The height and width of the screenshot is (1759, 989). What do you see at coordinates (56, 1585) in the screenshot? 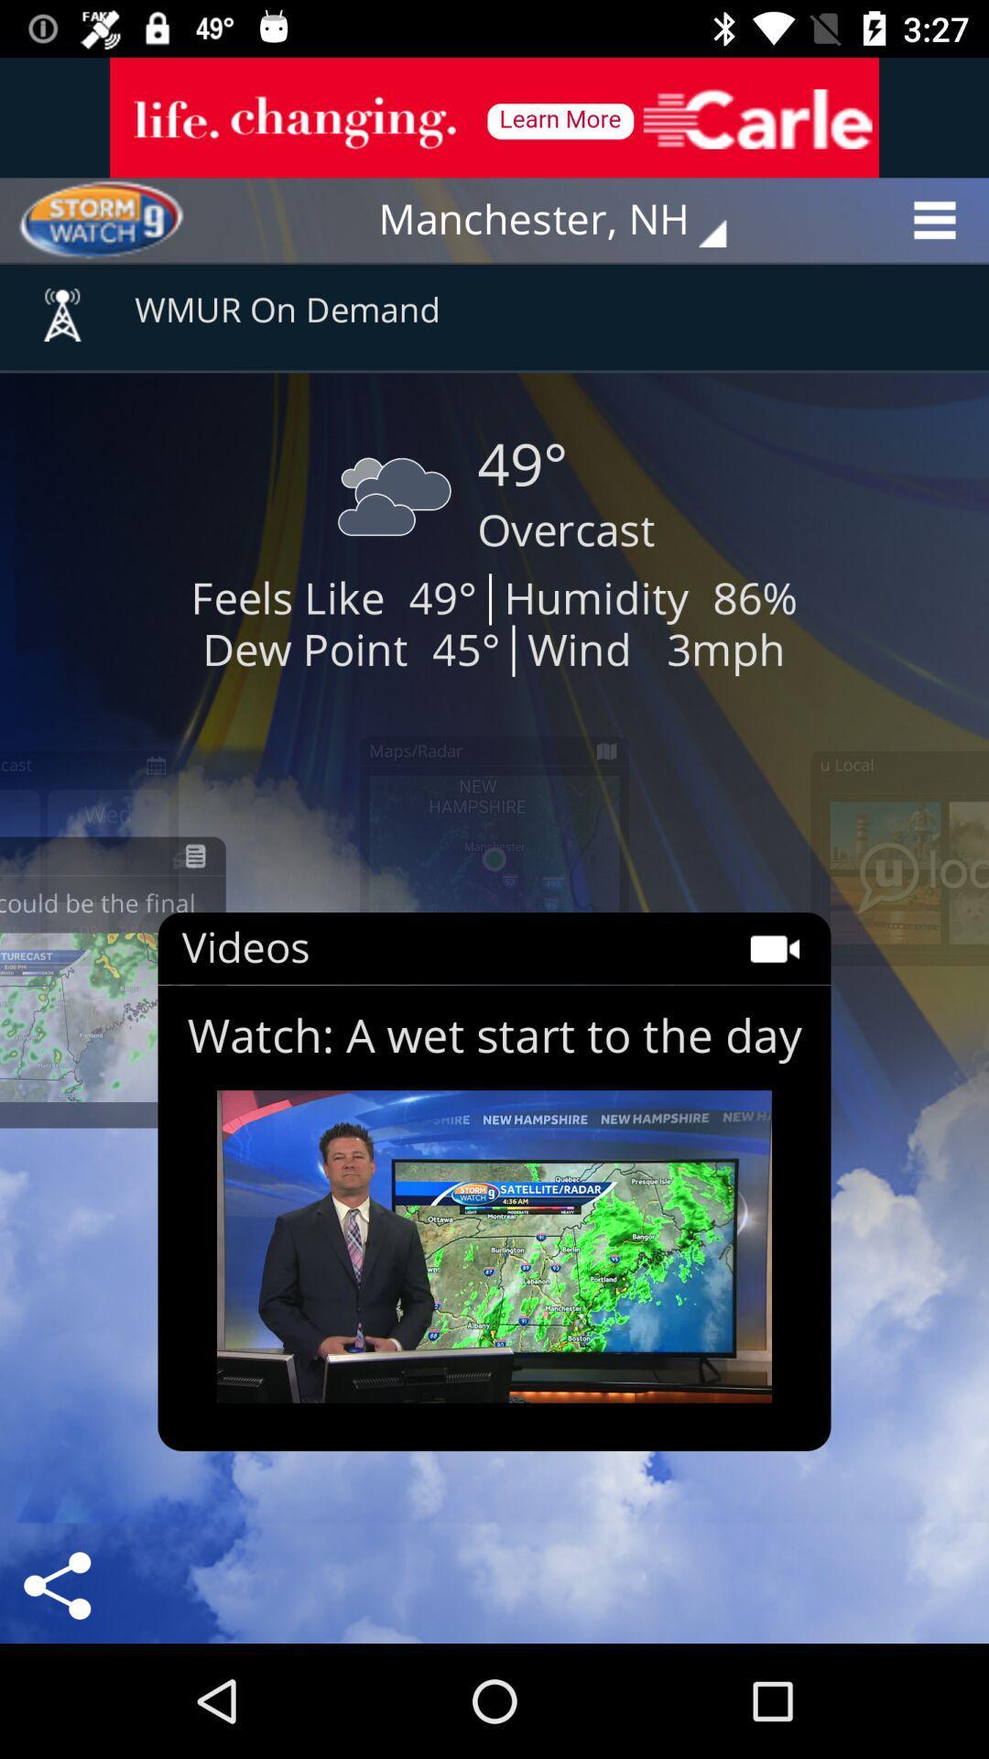
I see `the share icon` at bounding box center [56, 1585].